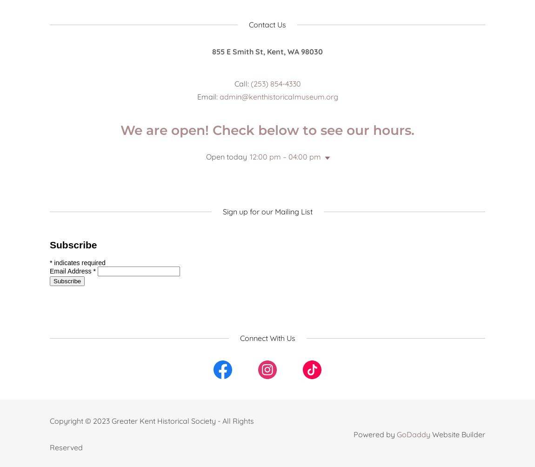 The image size is (535, 467). What do you see at coordinates (275, 83) in the screenshot?
I see `'(253) 854-4330'` at bounding box center [275, 83].